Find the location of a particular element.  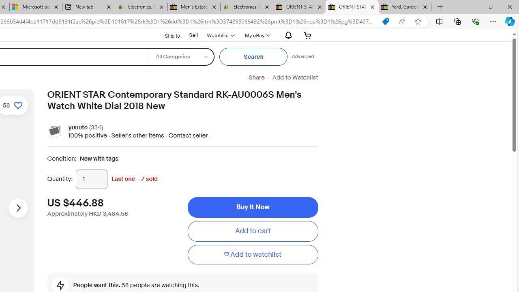

'Watchlist' is located at coordinates (220, 35).